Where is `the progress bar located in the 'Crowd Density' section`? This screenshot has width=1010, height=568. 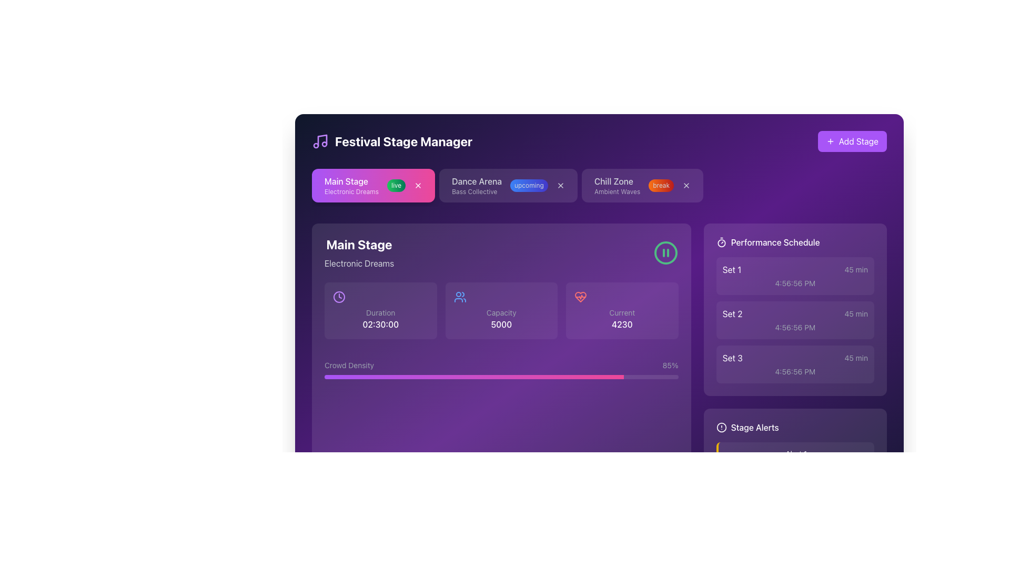 the progress bar located in the 'Crowd Density' section is located at coordinates (501, 377).